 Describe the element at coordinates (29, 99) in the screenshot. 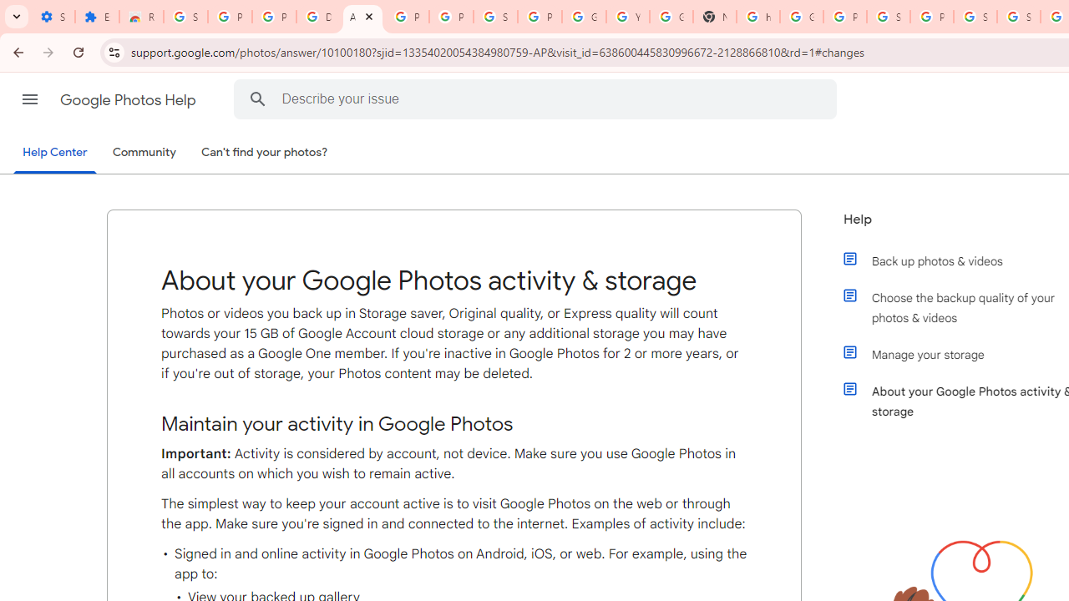

I see `'Main menu'` at that location.